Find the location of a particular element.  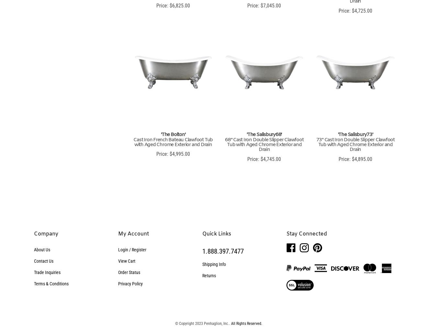

'Shipping Info' is located at coordinates (202, 263).